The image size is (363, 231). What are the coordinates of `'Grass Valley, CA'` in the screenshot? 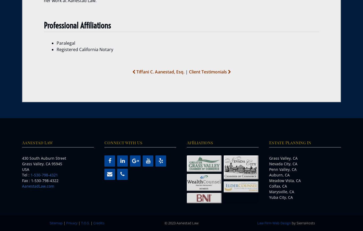 It's located at (283, 158).